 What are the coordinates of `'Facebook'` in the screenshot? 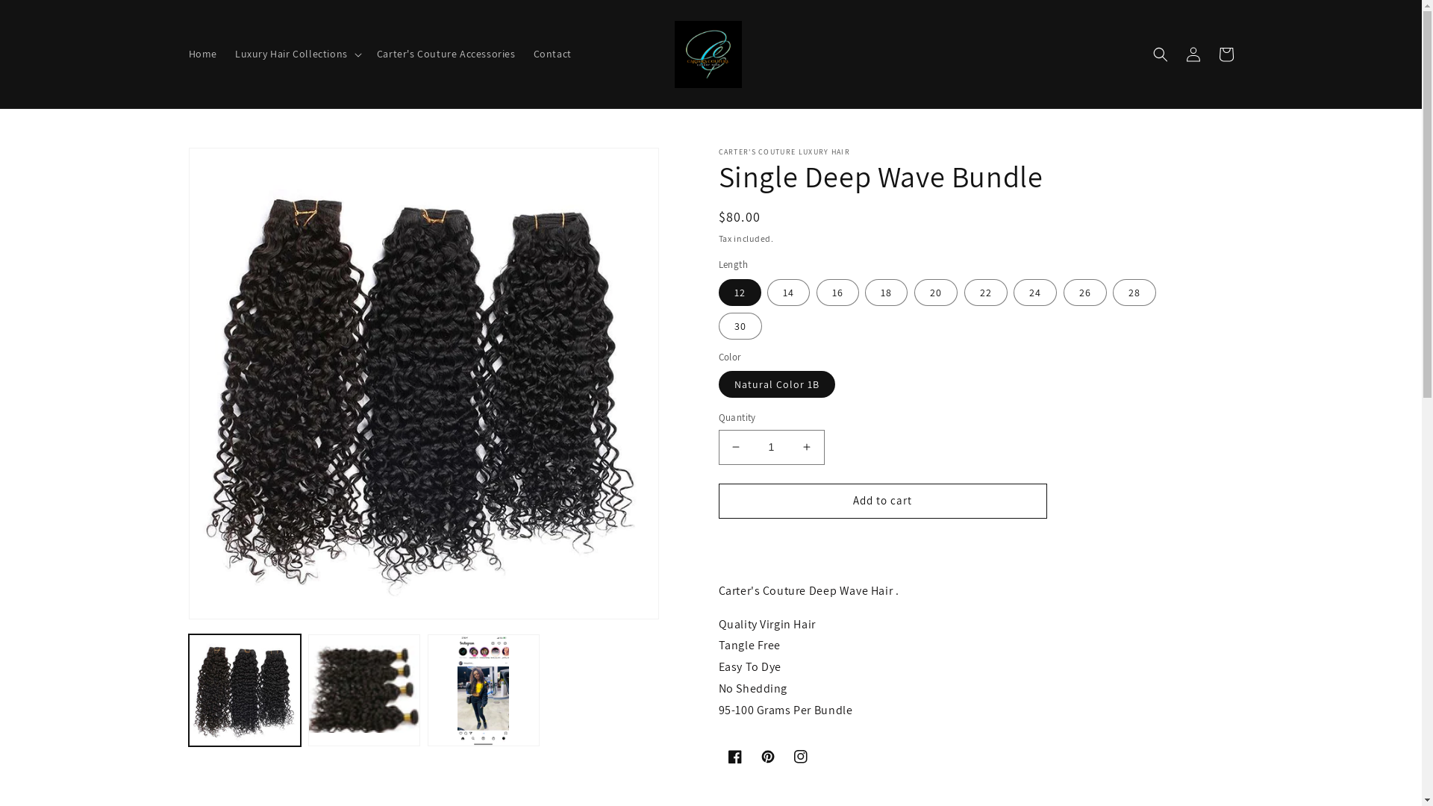 It's located at (734, 757).